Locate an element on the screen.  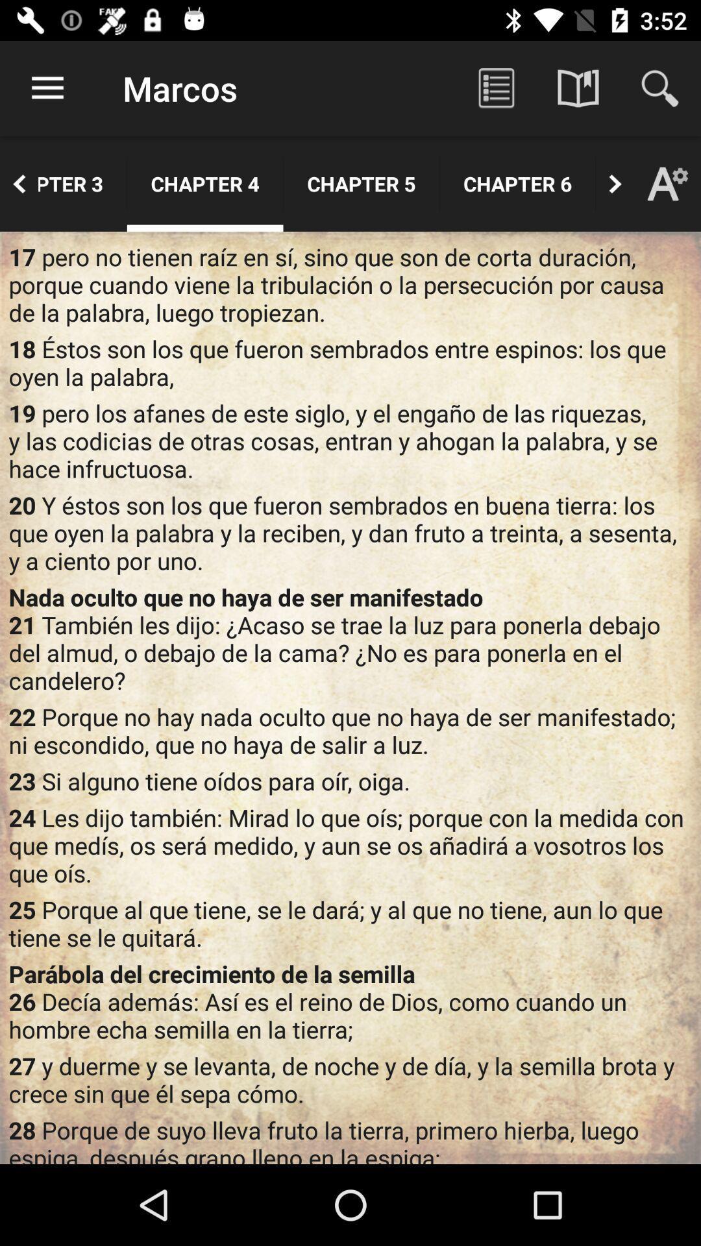
the app next to chapter 6 app is located at coordinates (596, 183).